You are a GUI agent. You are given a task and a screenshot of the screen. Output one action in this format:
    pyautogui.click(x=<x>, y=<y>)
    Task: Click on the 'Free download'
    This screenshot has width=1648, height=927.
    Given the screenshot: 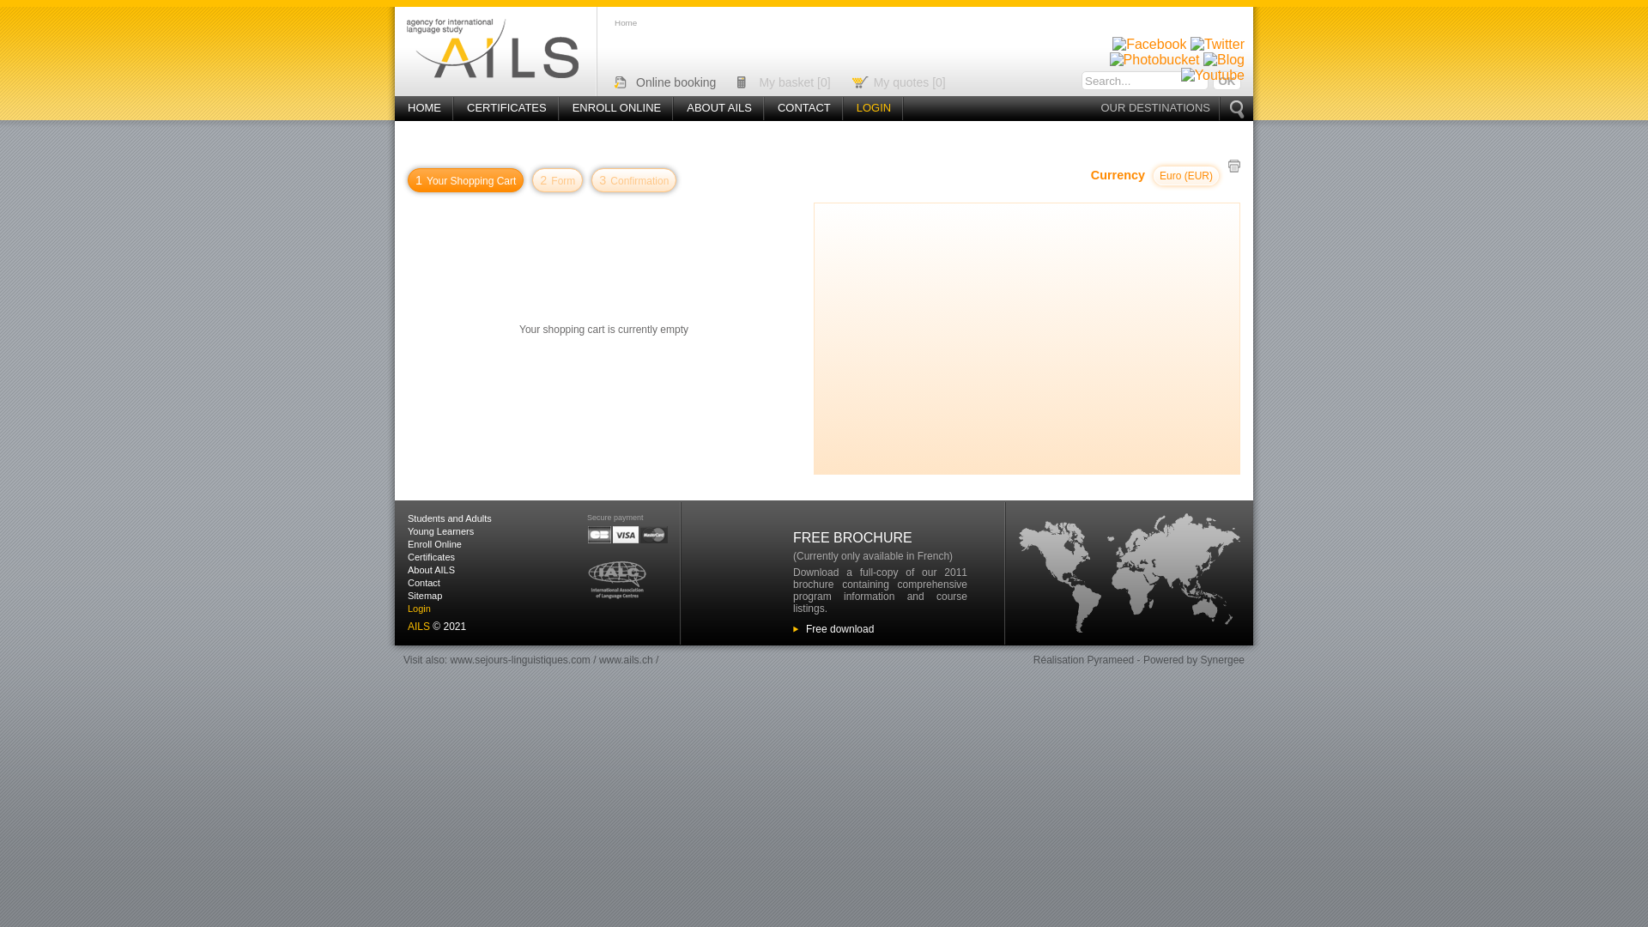 What is the action you would take?
    pyautogui.click(x=839, y=628)
    